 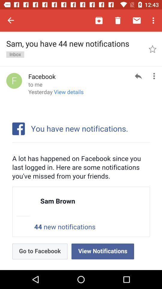 I want to click on the item next to the yesterday view details, so click(x=138, y=76).